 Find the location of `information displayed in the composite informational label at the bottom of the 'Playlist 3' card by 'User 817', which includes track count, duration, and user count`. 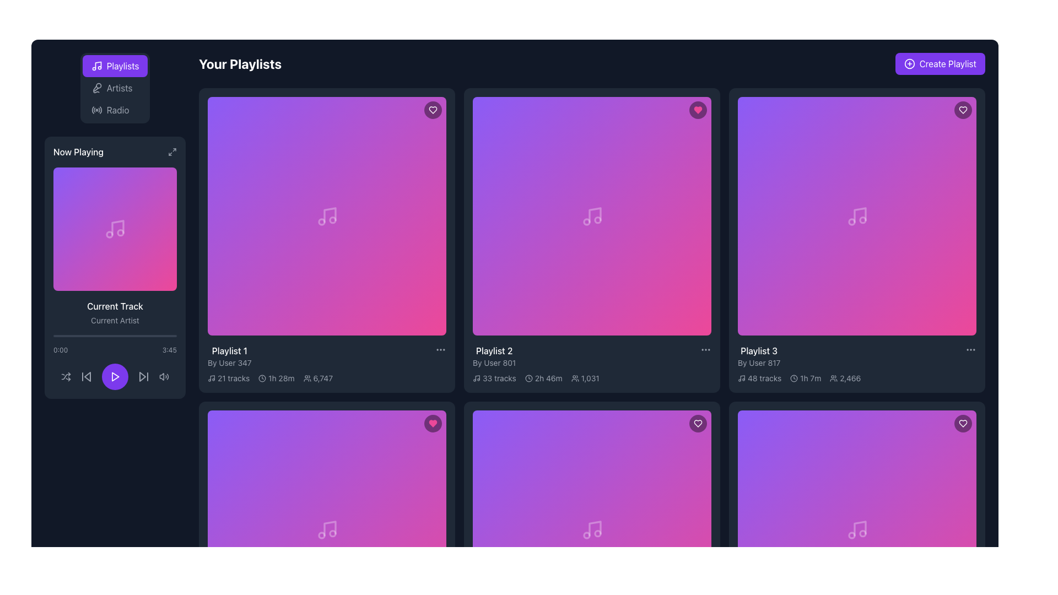

information displayed in the composite informational label at the bottom of the 'Playlist 3' card by 'User 817', which includes track count, duration, and user count is located at coordinates (856, 377).